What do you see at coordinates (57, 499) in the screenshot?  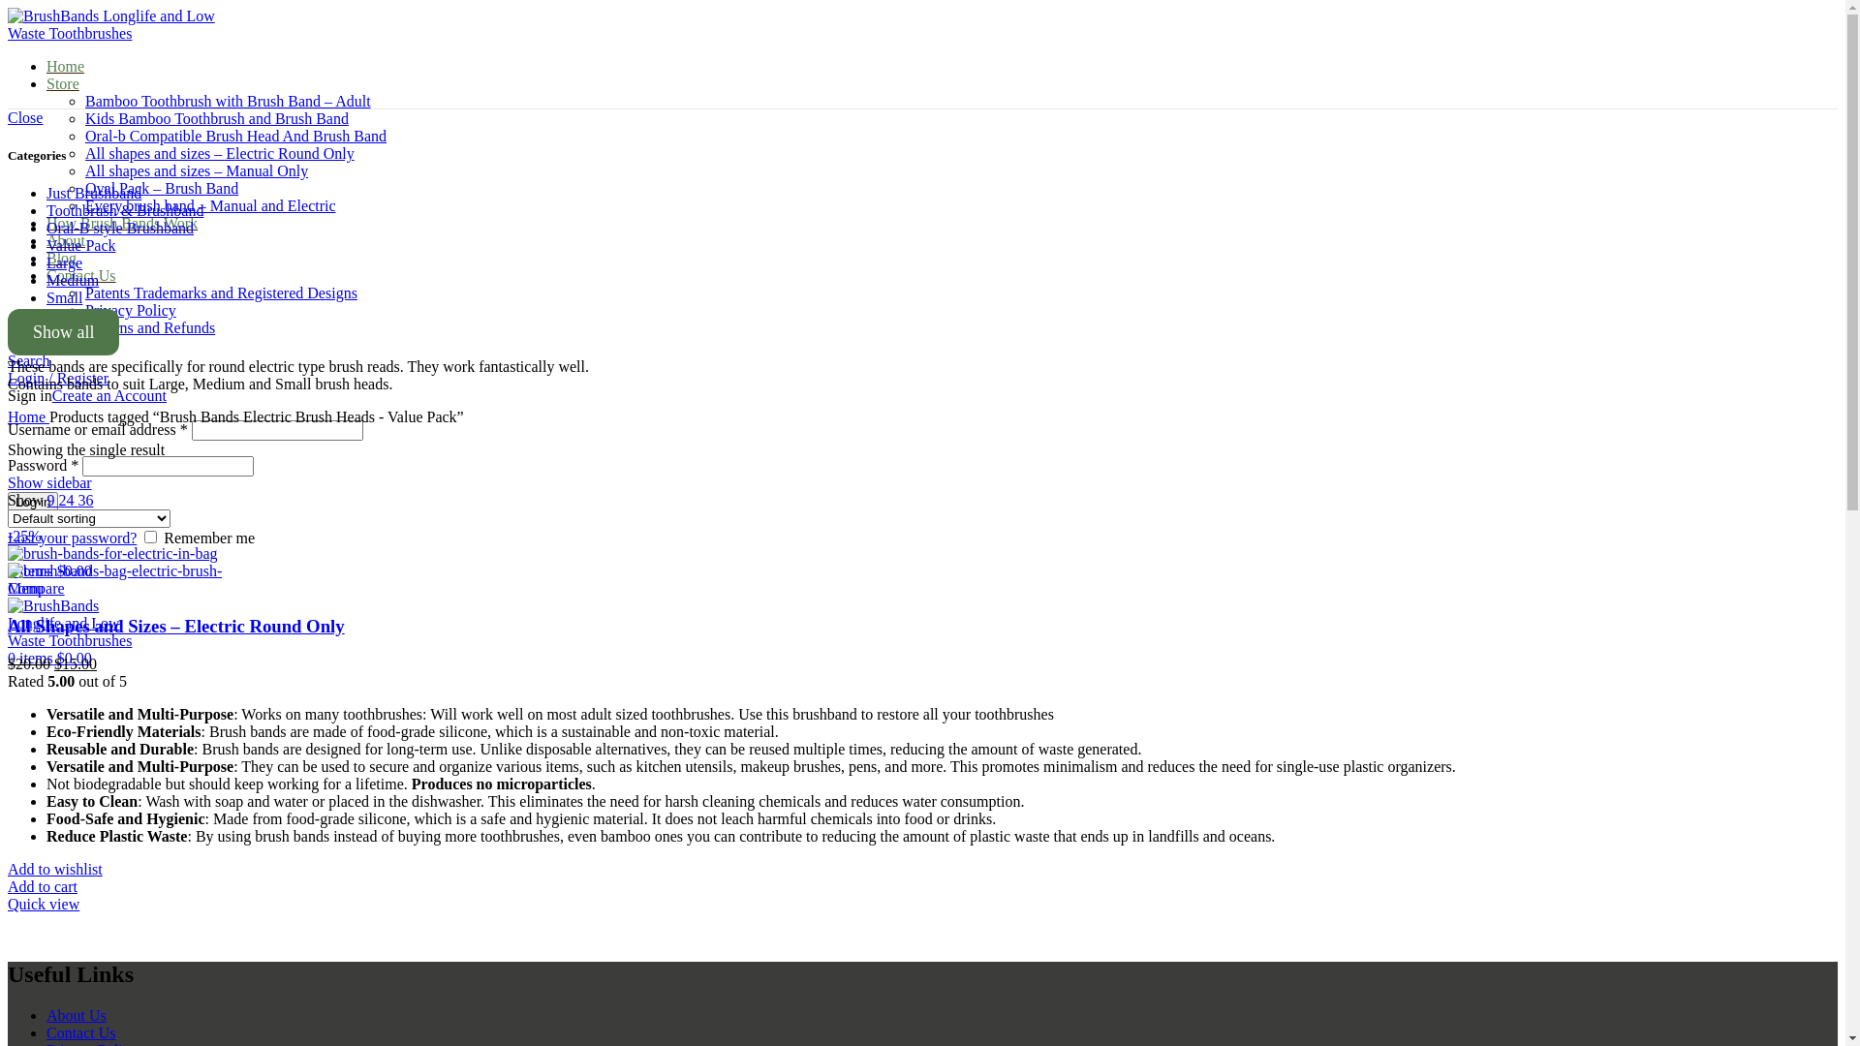 I see `'24'` at bounding box center [57, 499].